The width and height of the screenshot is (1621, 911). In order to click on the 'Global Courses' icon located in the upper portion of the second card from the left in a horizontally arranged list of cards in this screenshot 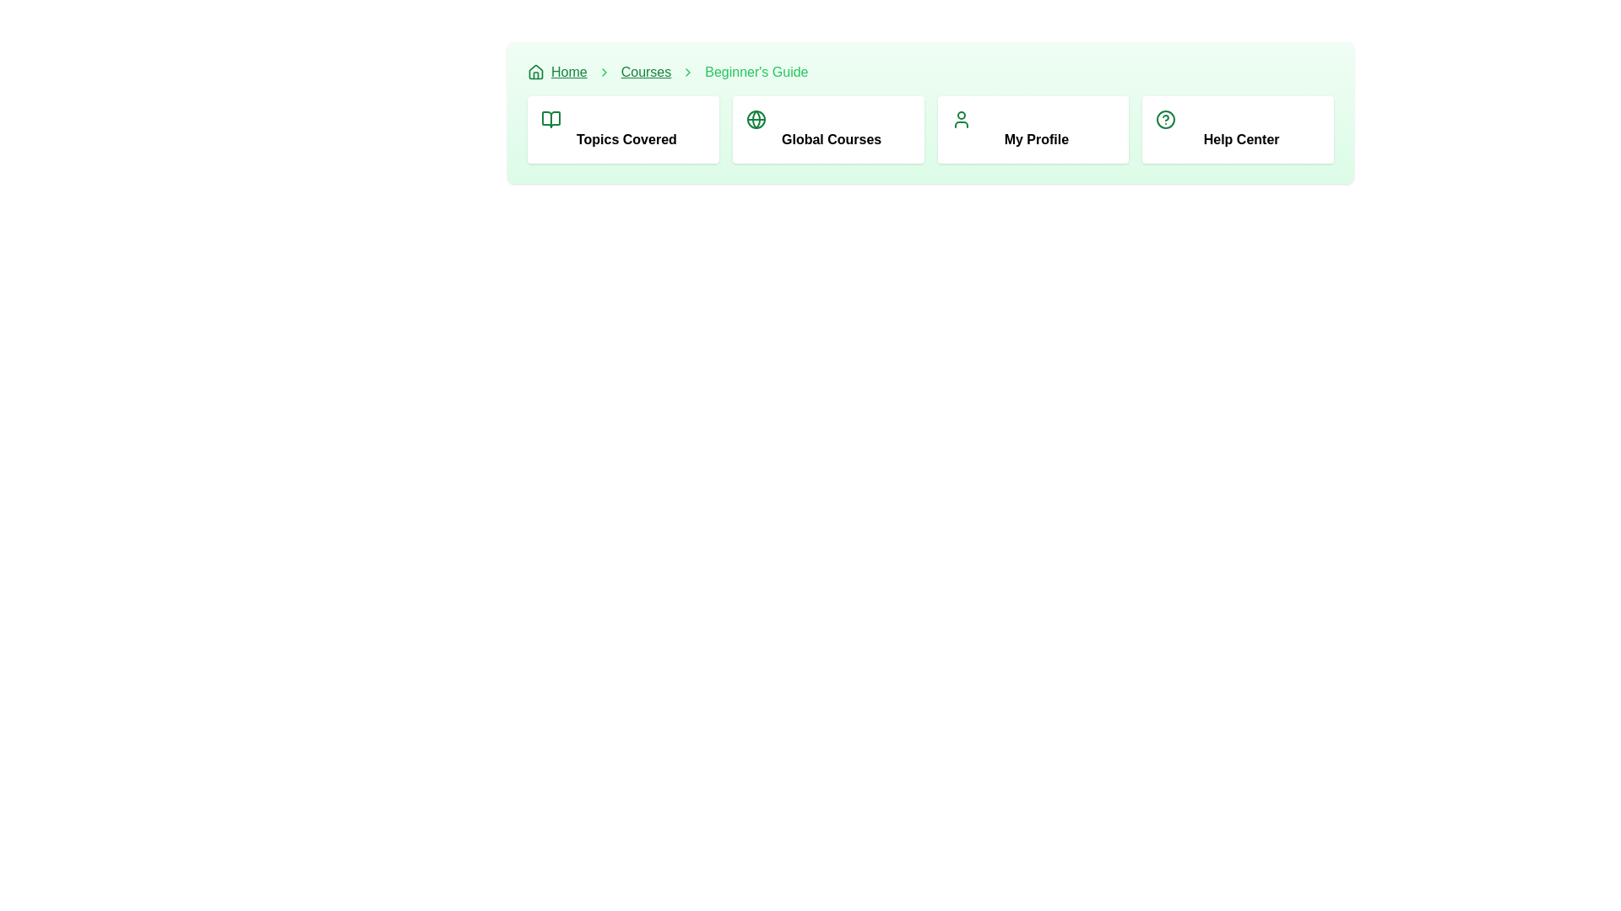, I will do `click(755, 119)`.